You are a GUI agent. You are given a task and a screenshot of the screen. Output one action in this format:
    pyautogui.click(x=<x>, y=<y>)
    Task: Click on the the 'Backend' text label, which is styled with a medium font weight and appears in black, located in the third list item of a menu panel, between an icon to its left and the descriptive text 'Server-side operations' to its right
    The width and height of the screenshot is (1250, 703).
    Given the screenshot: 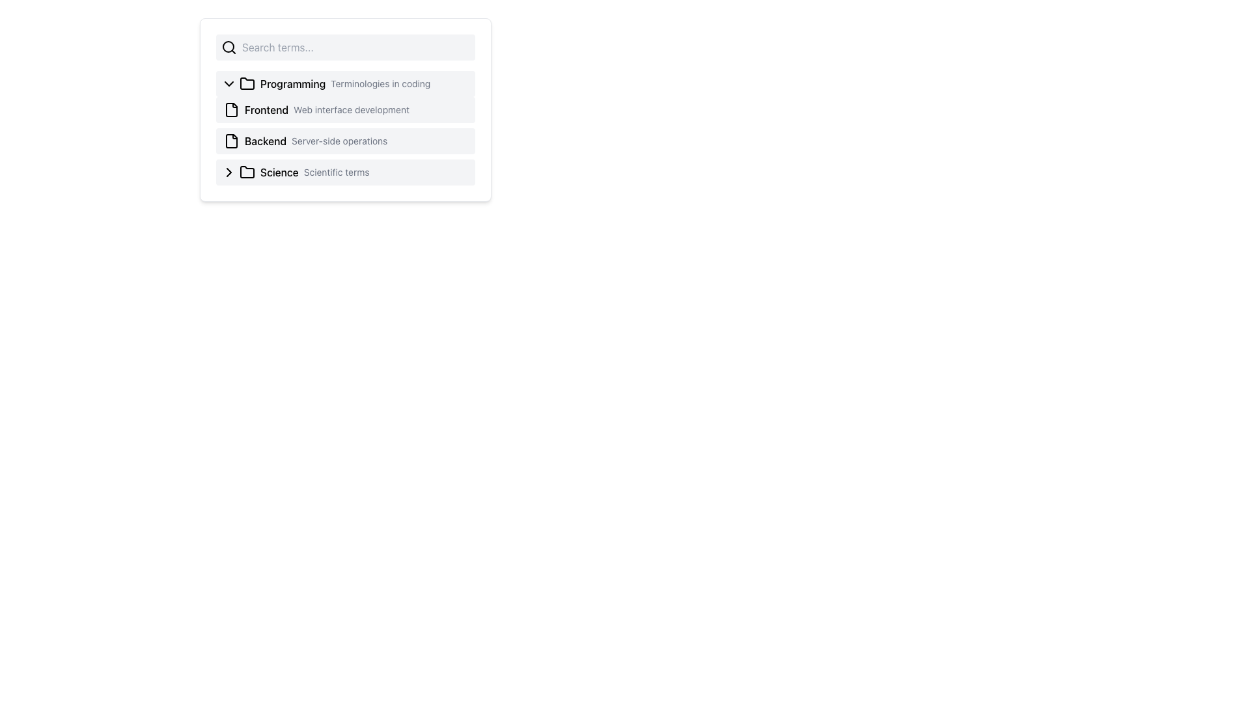 What is the action you would take?
    pyautogui.click(x=265, y=141)
    